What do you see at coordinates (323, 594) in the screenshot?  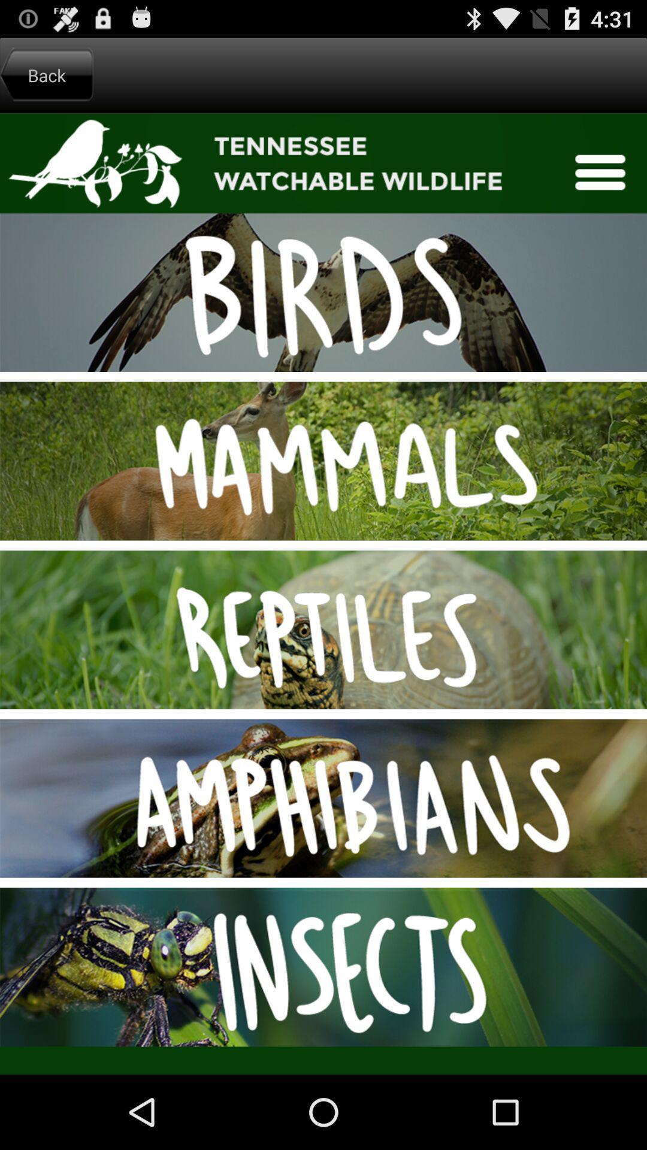 I see `select` at bounding box center [323, 594].